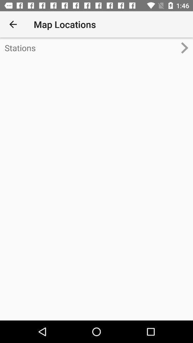  Describe the element at coordinates (90, 48) in the screenshot. I see `stations item` at that location.